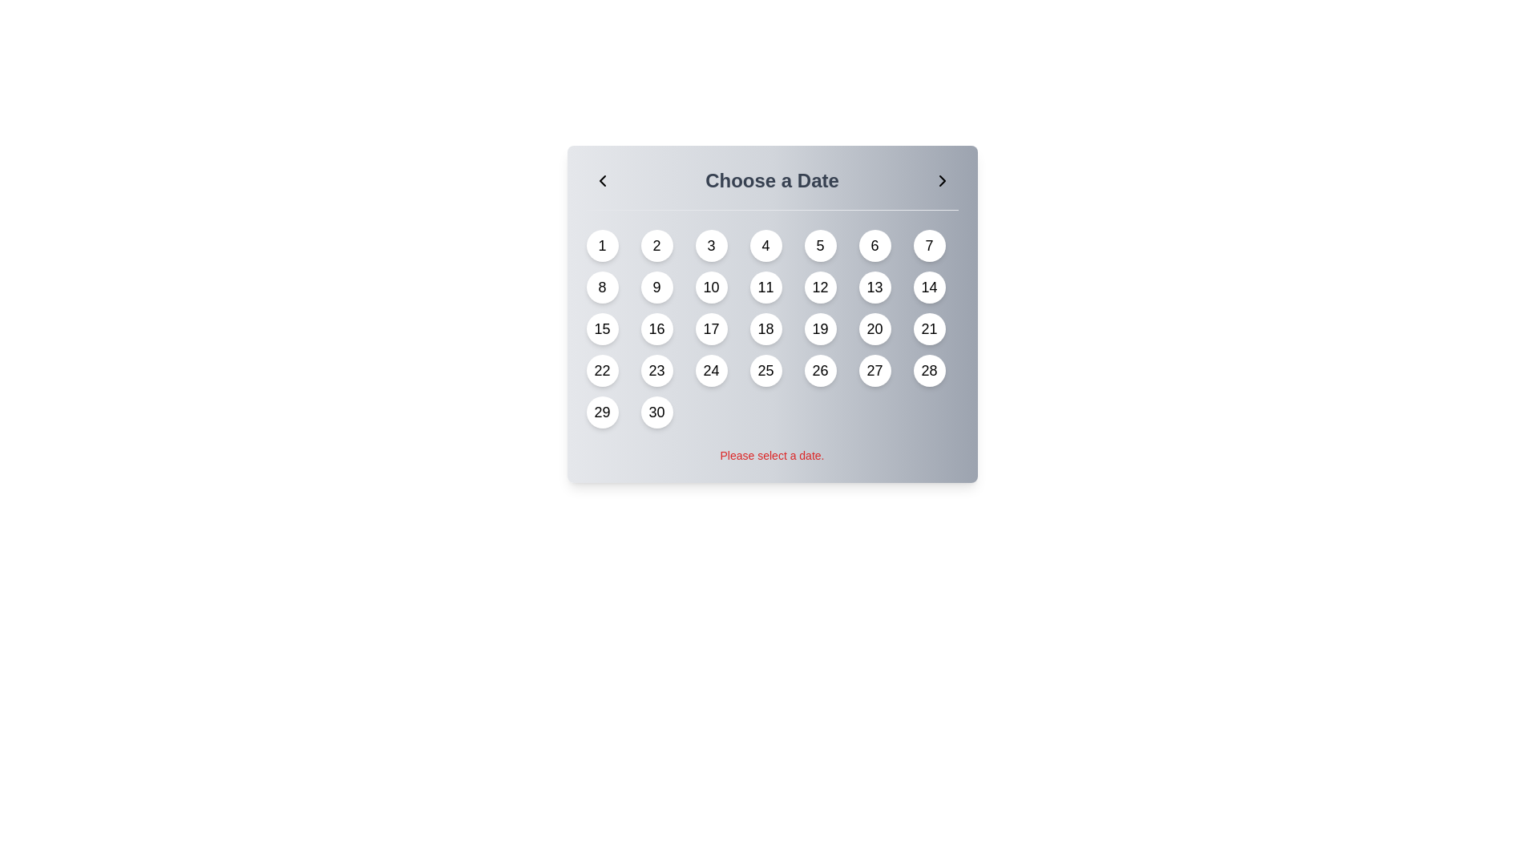 Image resolution: width=1539 pixels, height=865 pixels. I want to click on the selectable button for the date '27' in the date picker interface, so click(874, 370).